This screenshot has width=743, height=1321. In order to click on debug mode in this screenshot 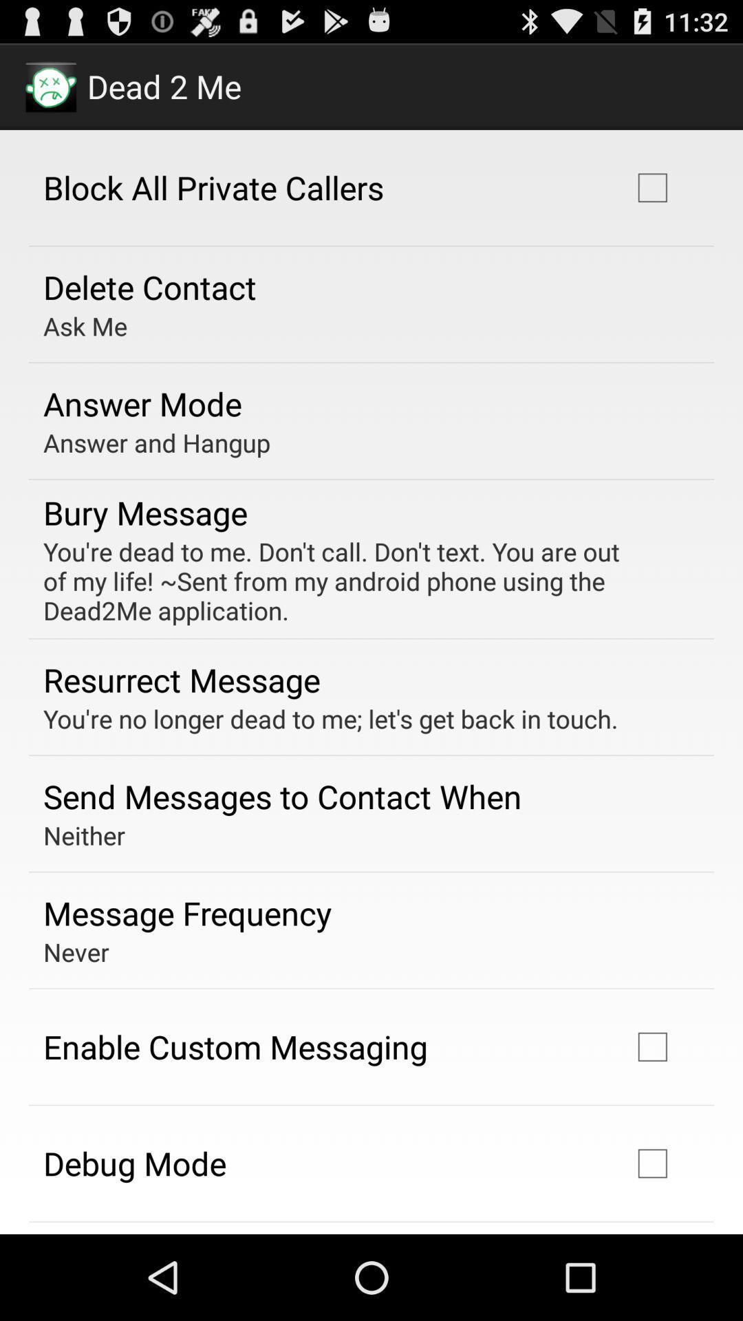, I will do `click(135, 1162)`.